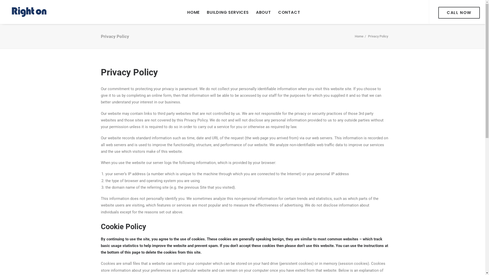 This screenshot has width=489, height=275. What do you see at coordinates (263, 11) in the screenshot?
I see `'ABOUT'` at bounding box center [263, 11].